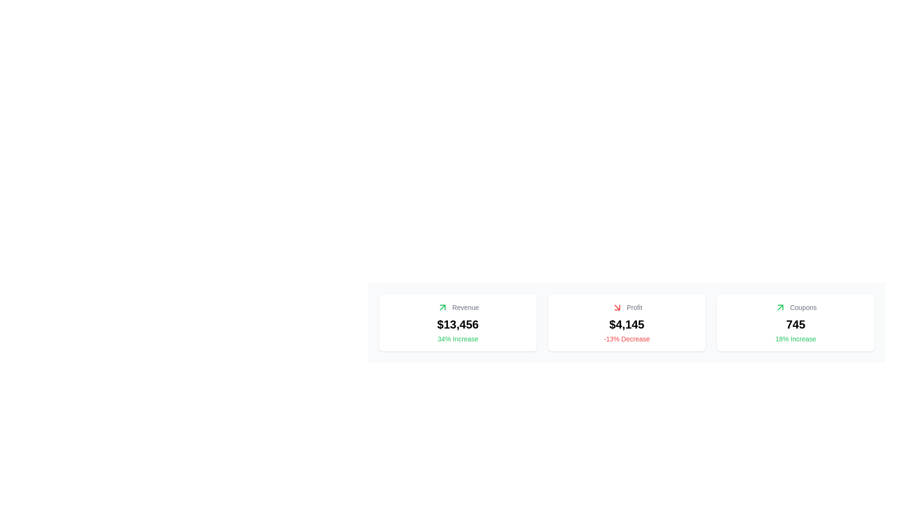  Describe the element at coordinates (442, 307) in the screenshot. I see `the green arrow icon pointing diagonally upwards to the right, which is positioned to the left of the text 'Revenue'` at that location.